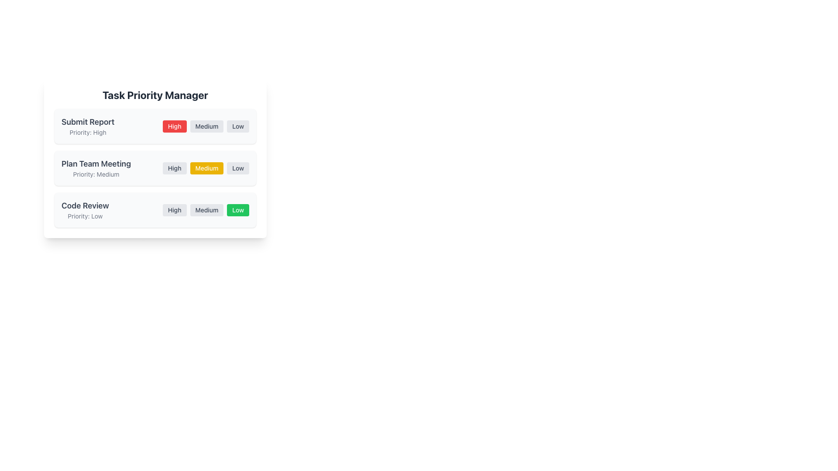 The height and width of the screenshot is (471, 838). What do you see at coordinates (85, 216) in the screenshot?
I see `the text label indicating the priority level for the 'Code Review' task, located beneath the 'Code Review' header` at bounding box center [85, 216].